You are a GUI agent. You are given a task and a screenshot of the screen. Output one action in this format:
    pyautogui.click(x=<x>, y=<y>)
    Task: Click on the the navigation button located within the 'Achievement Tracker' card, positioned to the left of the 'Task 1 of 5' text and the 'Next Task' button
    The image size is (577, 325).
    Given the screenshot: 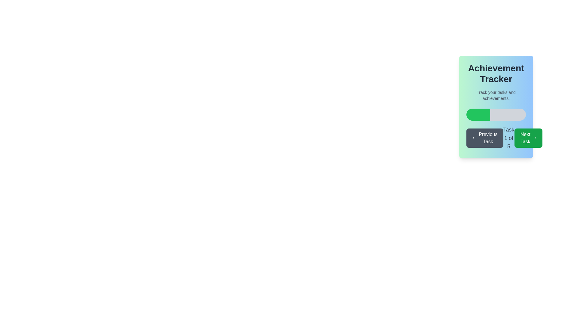 What is the action you would take?
    pyautogui.click(x=485, y=138)
    